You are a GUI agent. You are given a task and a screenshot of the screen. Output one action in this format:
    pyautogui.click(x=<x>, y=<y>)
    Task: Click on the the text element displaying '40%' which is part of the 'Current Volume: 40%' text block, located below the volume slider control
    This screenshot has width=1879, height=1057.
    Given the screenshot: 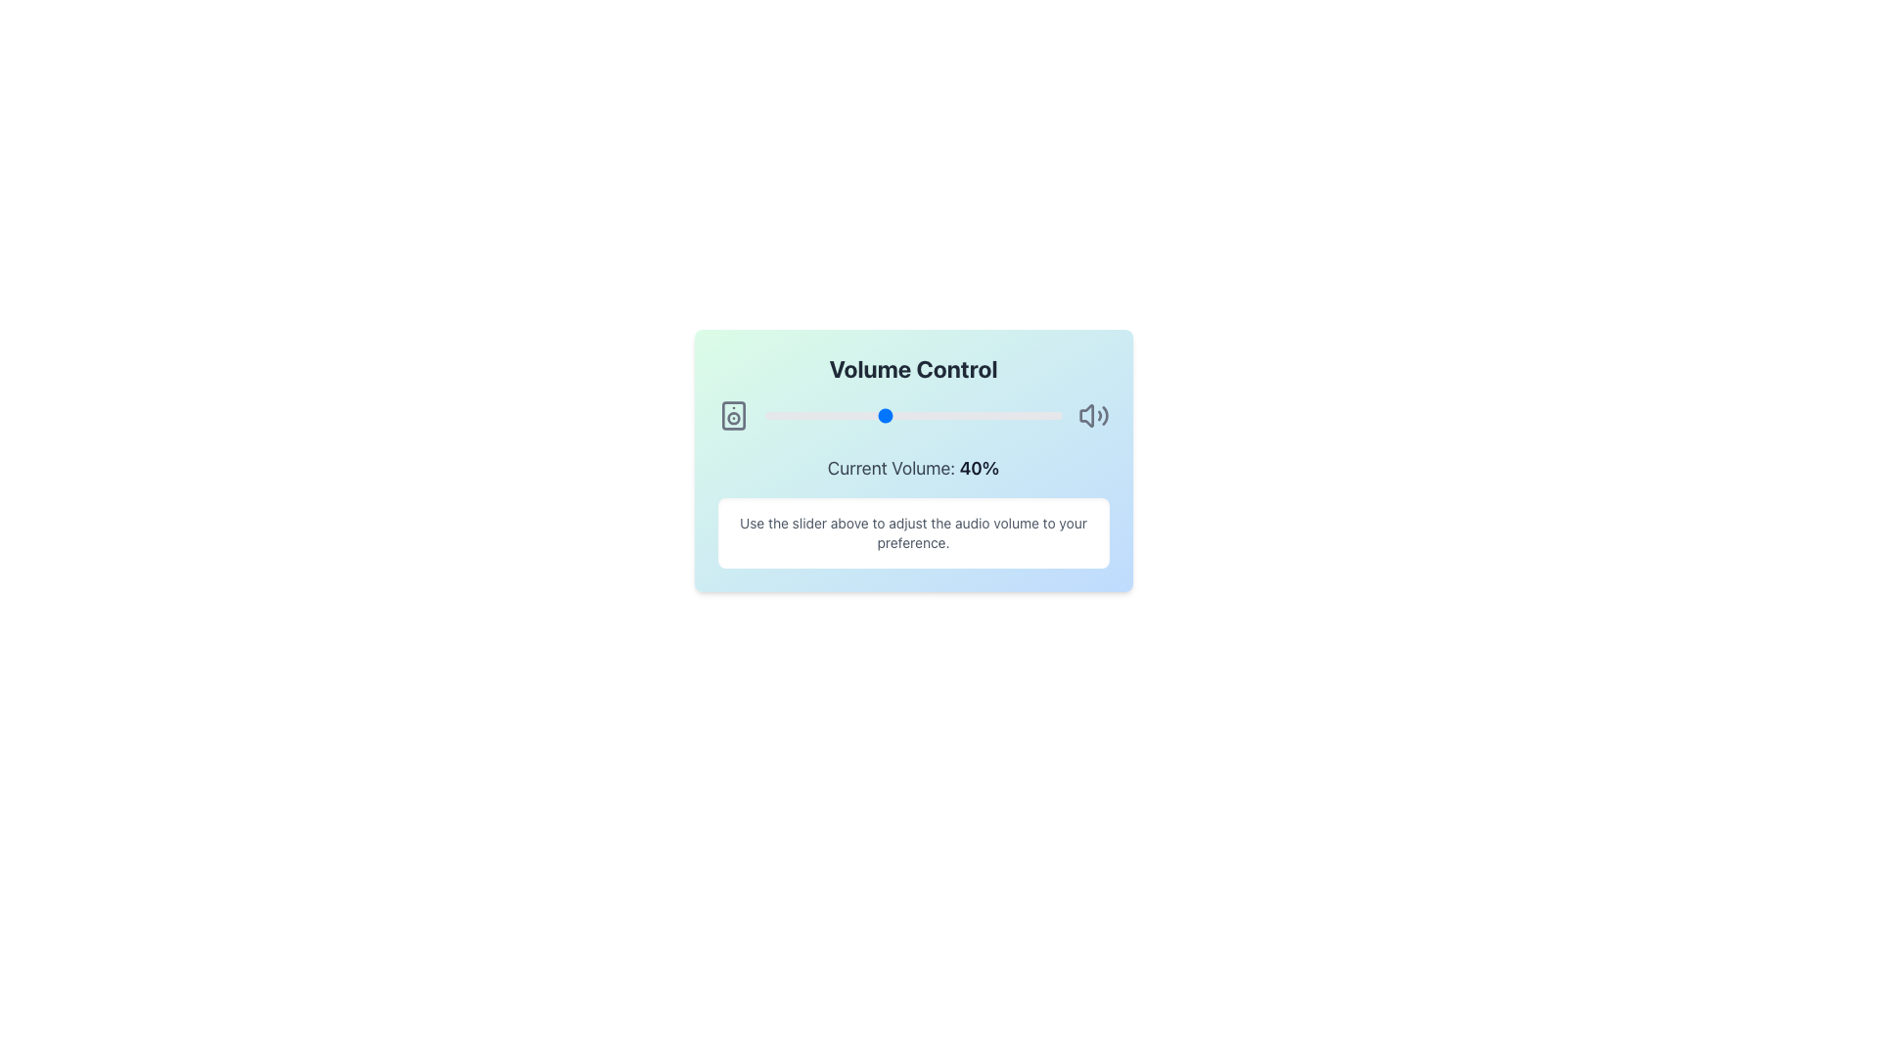 What is the action you would take?
    pyautogui.click(x=979, y=468)
    